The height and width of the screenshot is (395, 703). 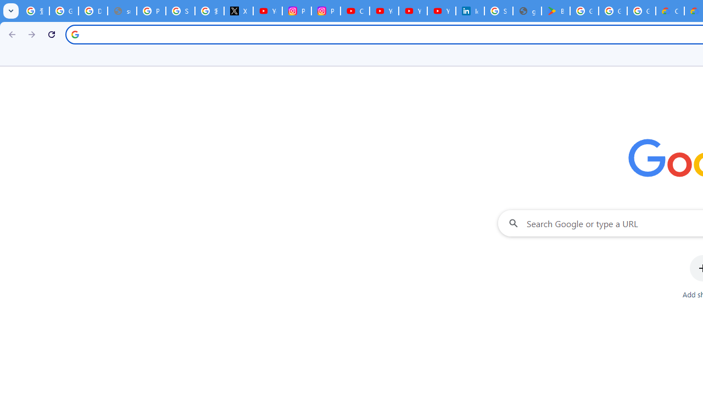 What do you see at coordinates (412, 11) in the screenshot?
I see `'YouTube Culture & Trends - YouTube Top 10, 2021'` at bounding box center [412, 11].